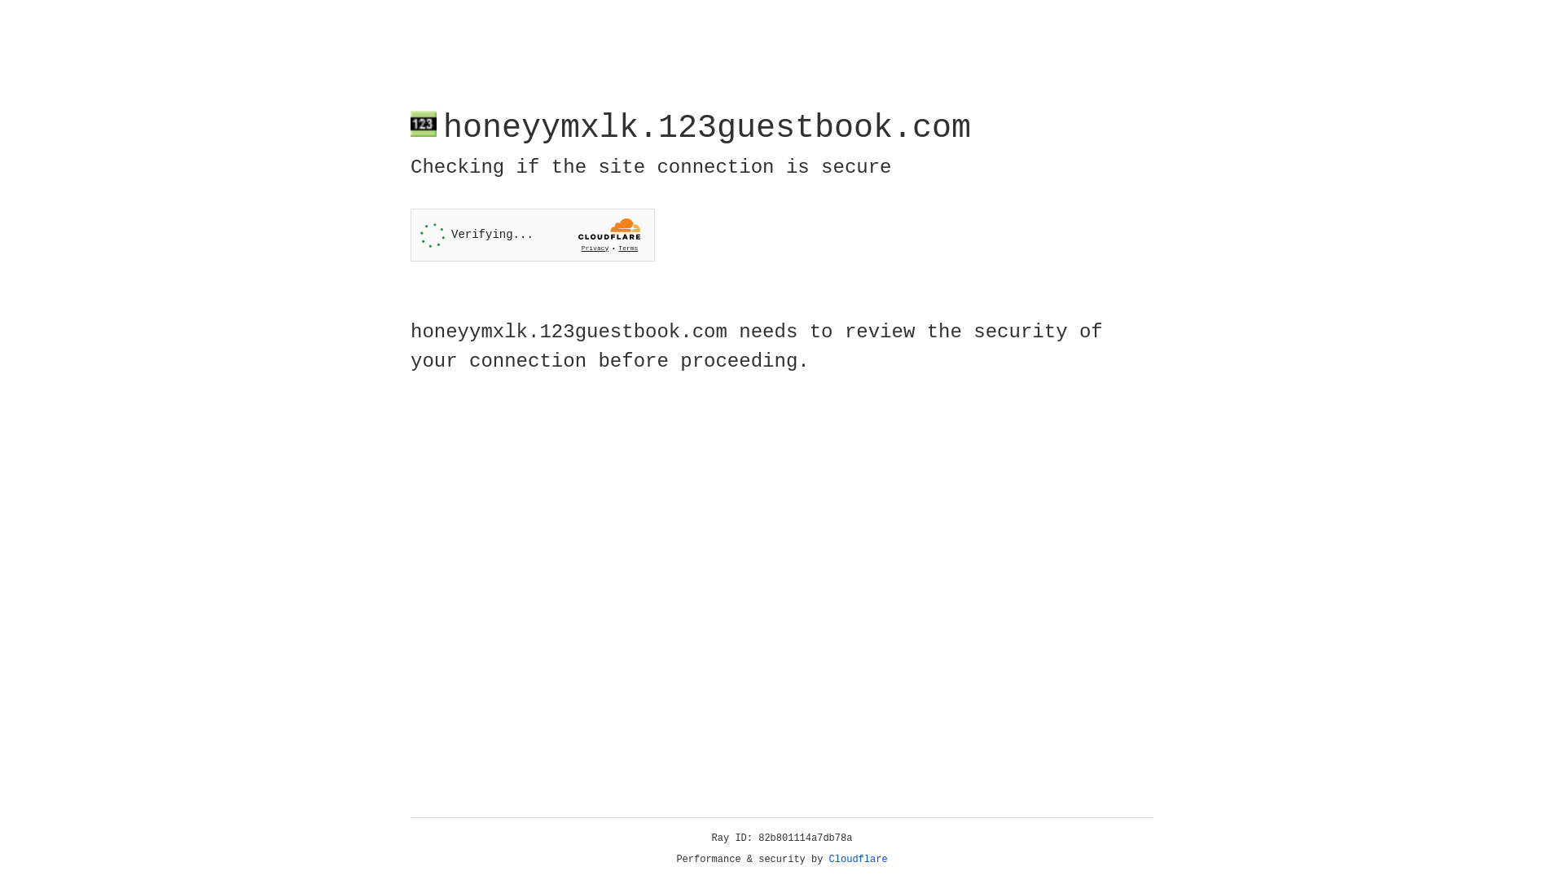  Describe the element at coordinates (858, 859) in the screenshot. I see `'Cloudflare'` at that location.